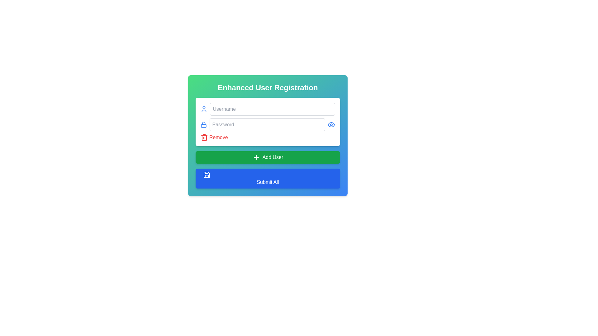 This screenshot has height=336, width=598. Describe the element at coordinates (218, 137) in the screenshot. I see `the 'Remove' text label, which is displayed in red and positioned next to a trash can icon below the password text input field in the 'Enhanced User Registration' form panel` at that location.